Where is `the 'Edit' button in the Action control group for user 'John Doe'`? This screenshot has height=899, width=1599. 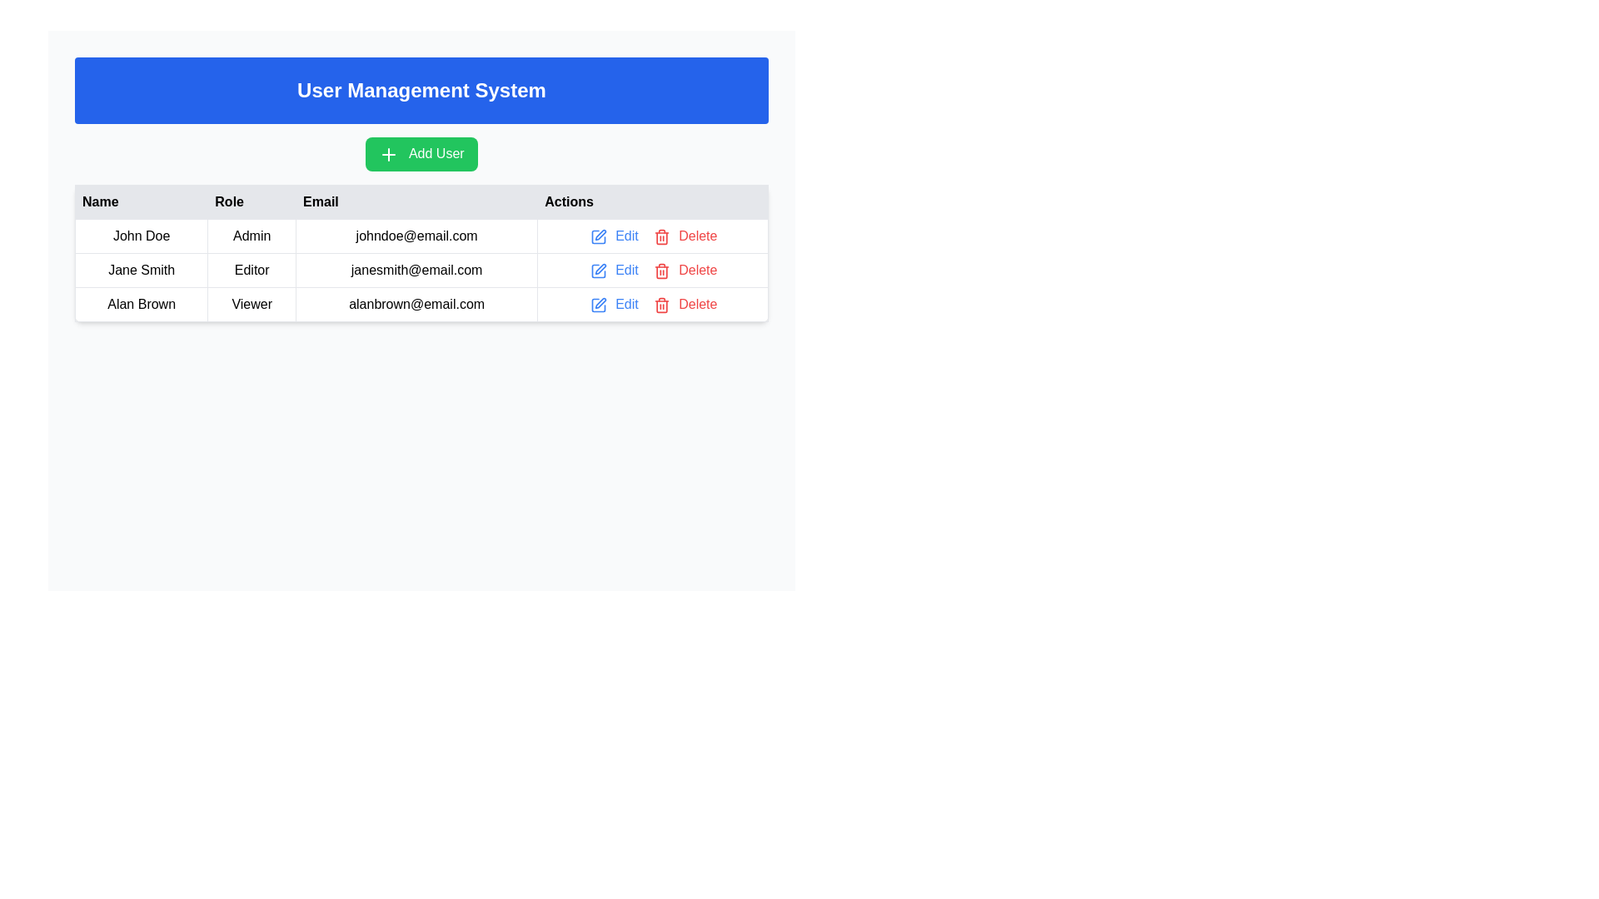 the 'Edit' button in the Action control group for user 'John Doe' is located at coordinates (652, 236).